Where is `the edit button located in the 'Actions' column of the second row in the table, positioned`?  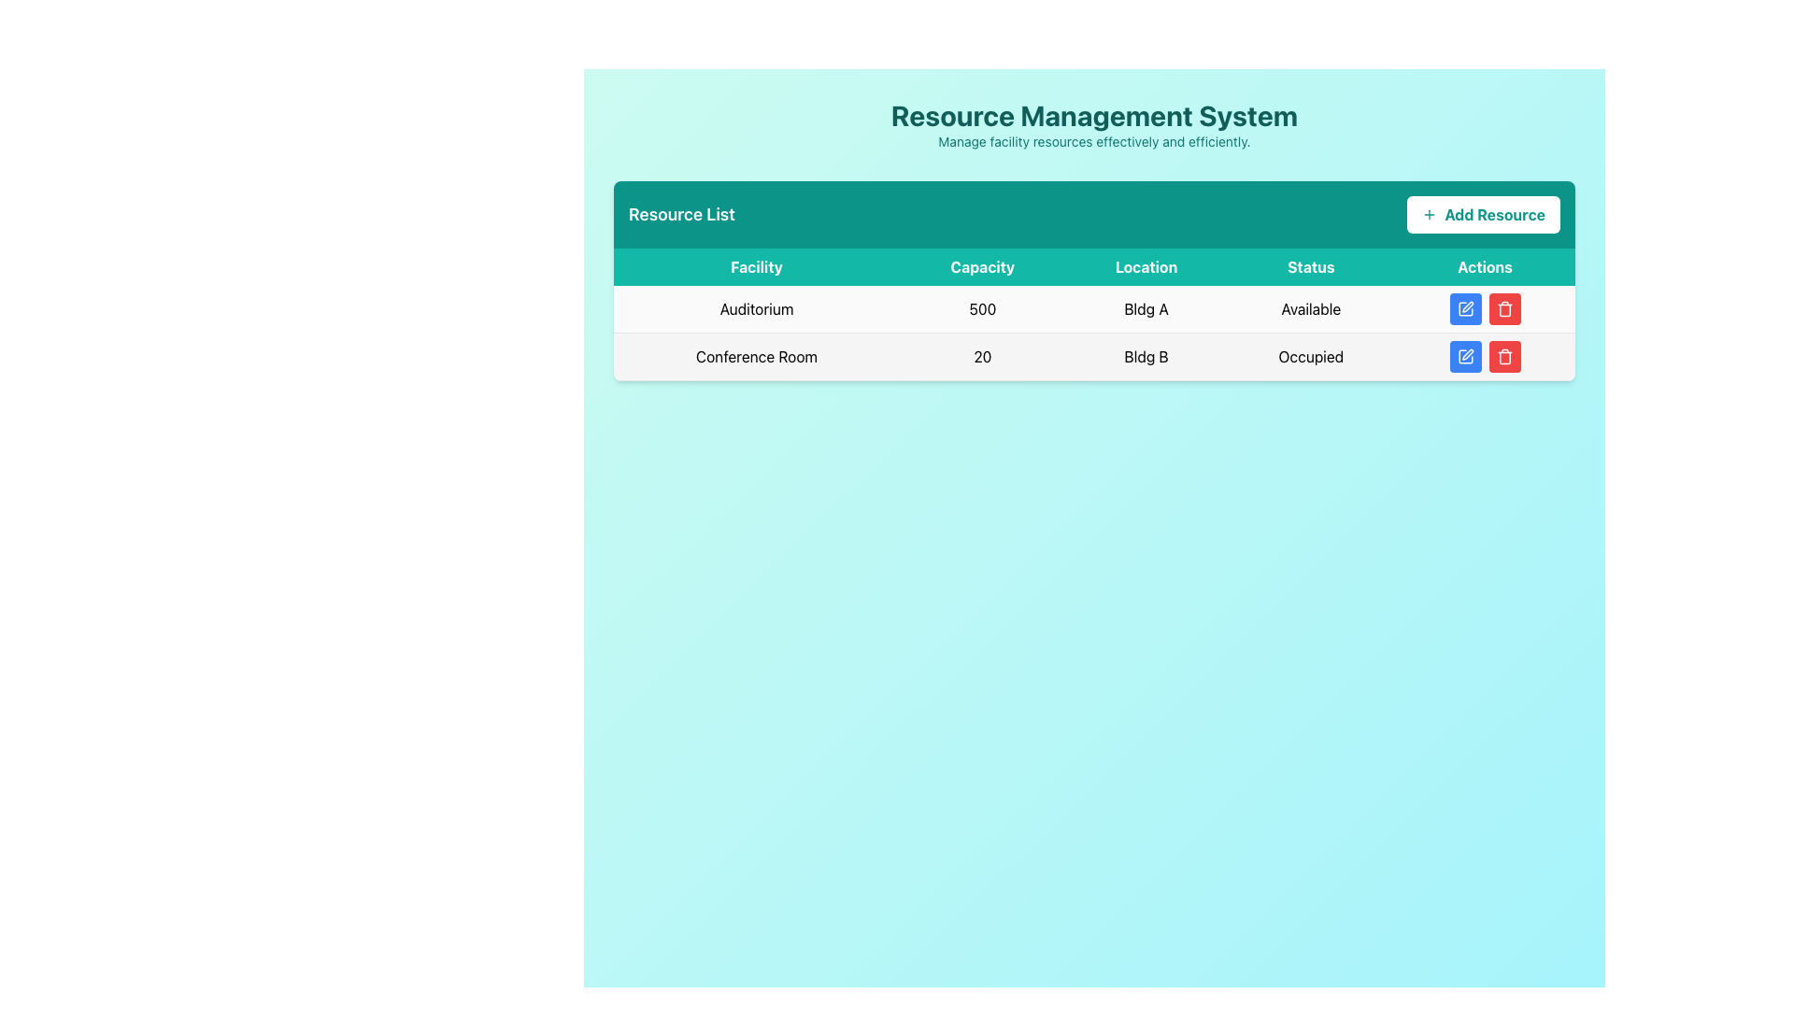
the edit button located in the 'Actions' column of the second row in the table, positioned is located at coordinates (1466, 306).